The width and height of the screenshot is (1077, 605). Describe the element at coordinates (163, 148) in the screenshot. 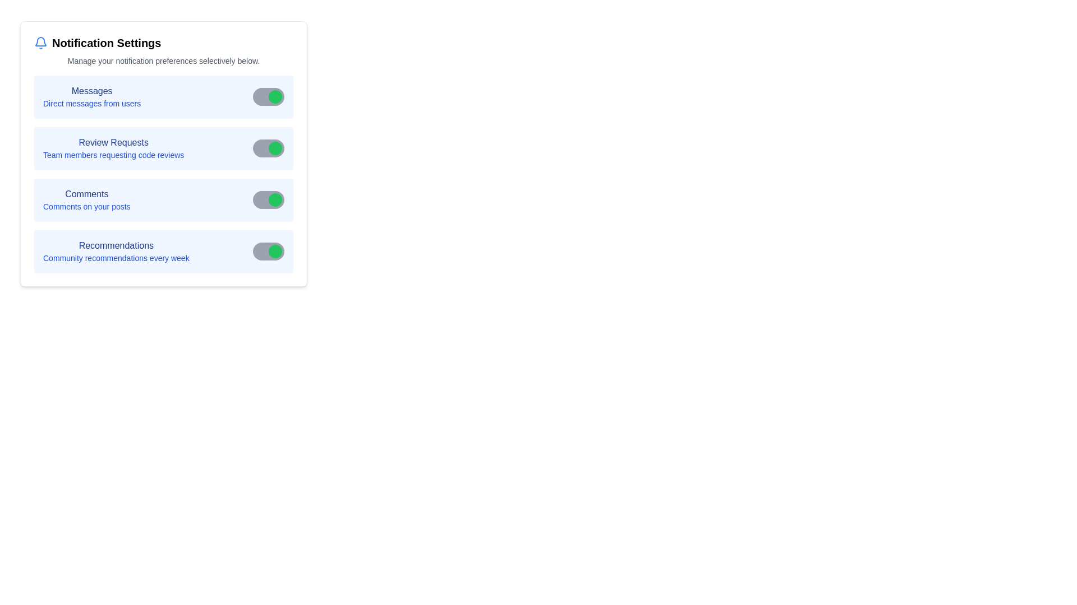

I see `title and description of the 'Review Requests' notification settings toggle switch, which is the second option in the vertical list of the notification settings interface` at that location.